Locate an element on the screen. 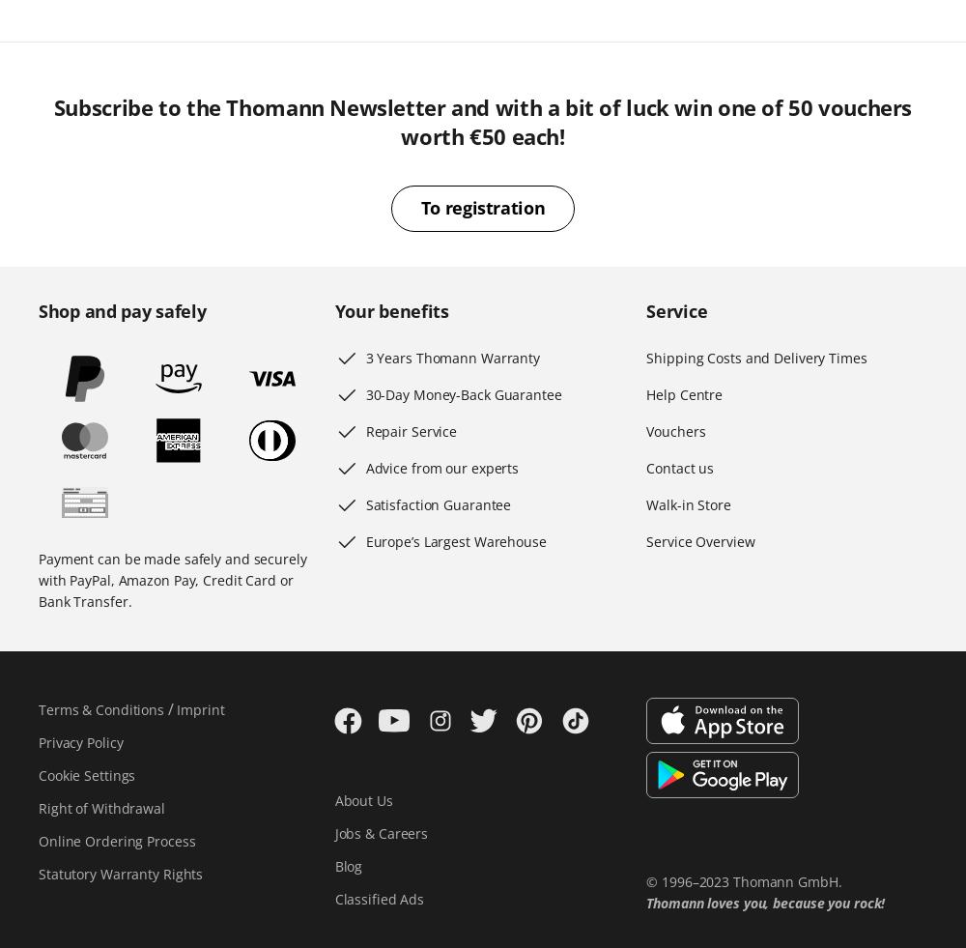 This screenshot has width=966, height=948. 'Service Overview' is located at coordinates (699, 541).